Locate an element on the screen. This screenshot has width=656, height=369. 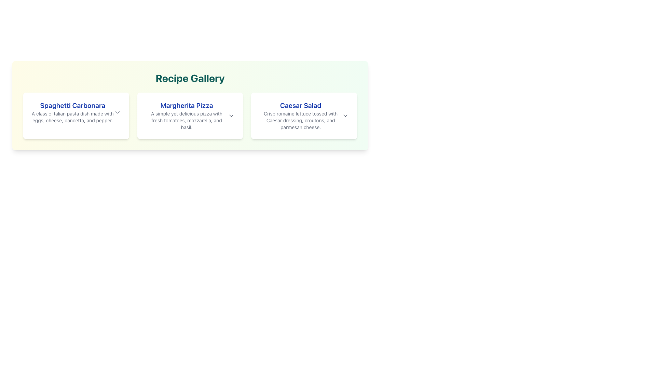
the 'Caesar Salad' recipe from the Recipe Gallery section, which features bold blue text and a gray description underneath is located at coordinates (301, 115).